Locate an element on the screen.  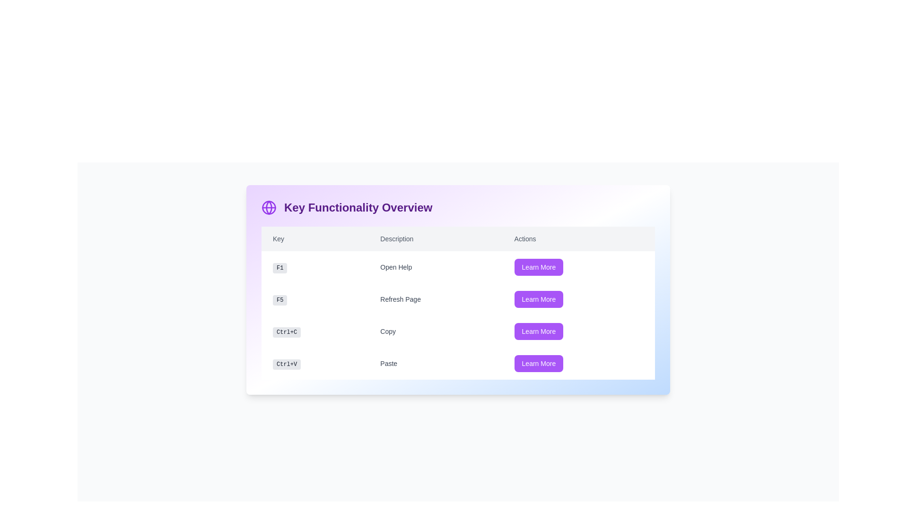
the first row is located at coordinates (458, 267).